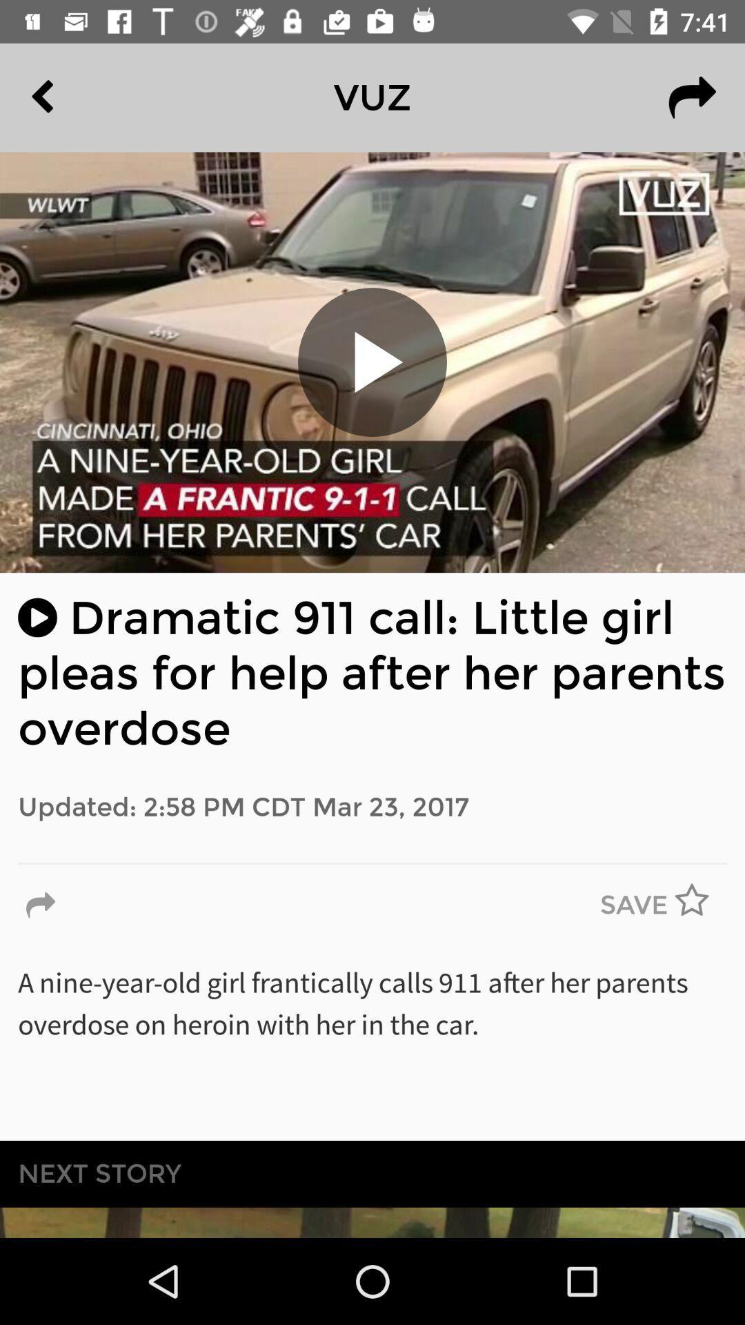  Describe the element at coordinates (74, 97) in the screenshot. I see `item next to vuz icon` at that location.